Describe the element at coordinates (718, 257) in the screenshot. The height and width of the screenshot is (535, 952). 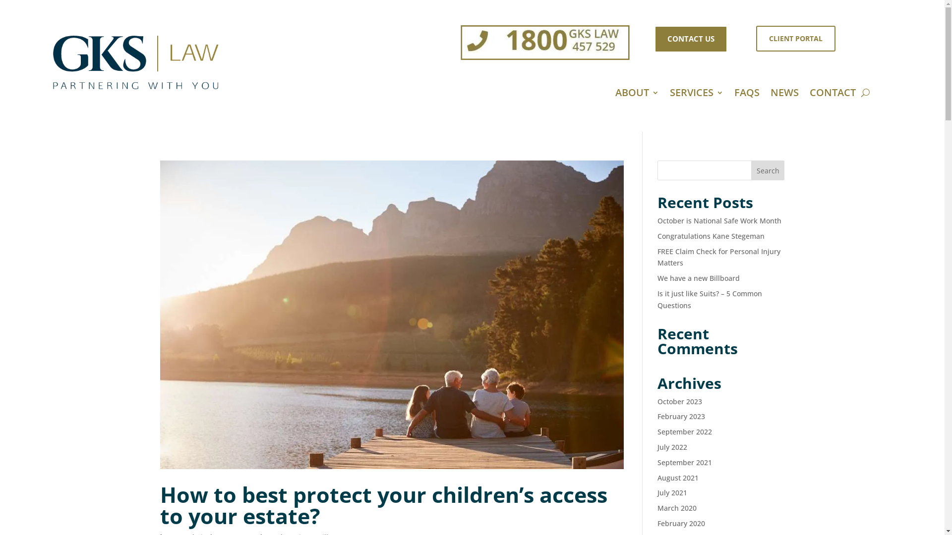
I see `'FREE Claim Check for Personal Injury Matters'` at that location.